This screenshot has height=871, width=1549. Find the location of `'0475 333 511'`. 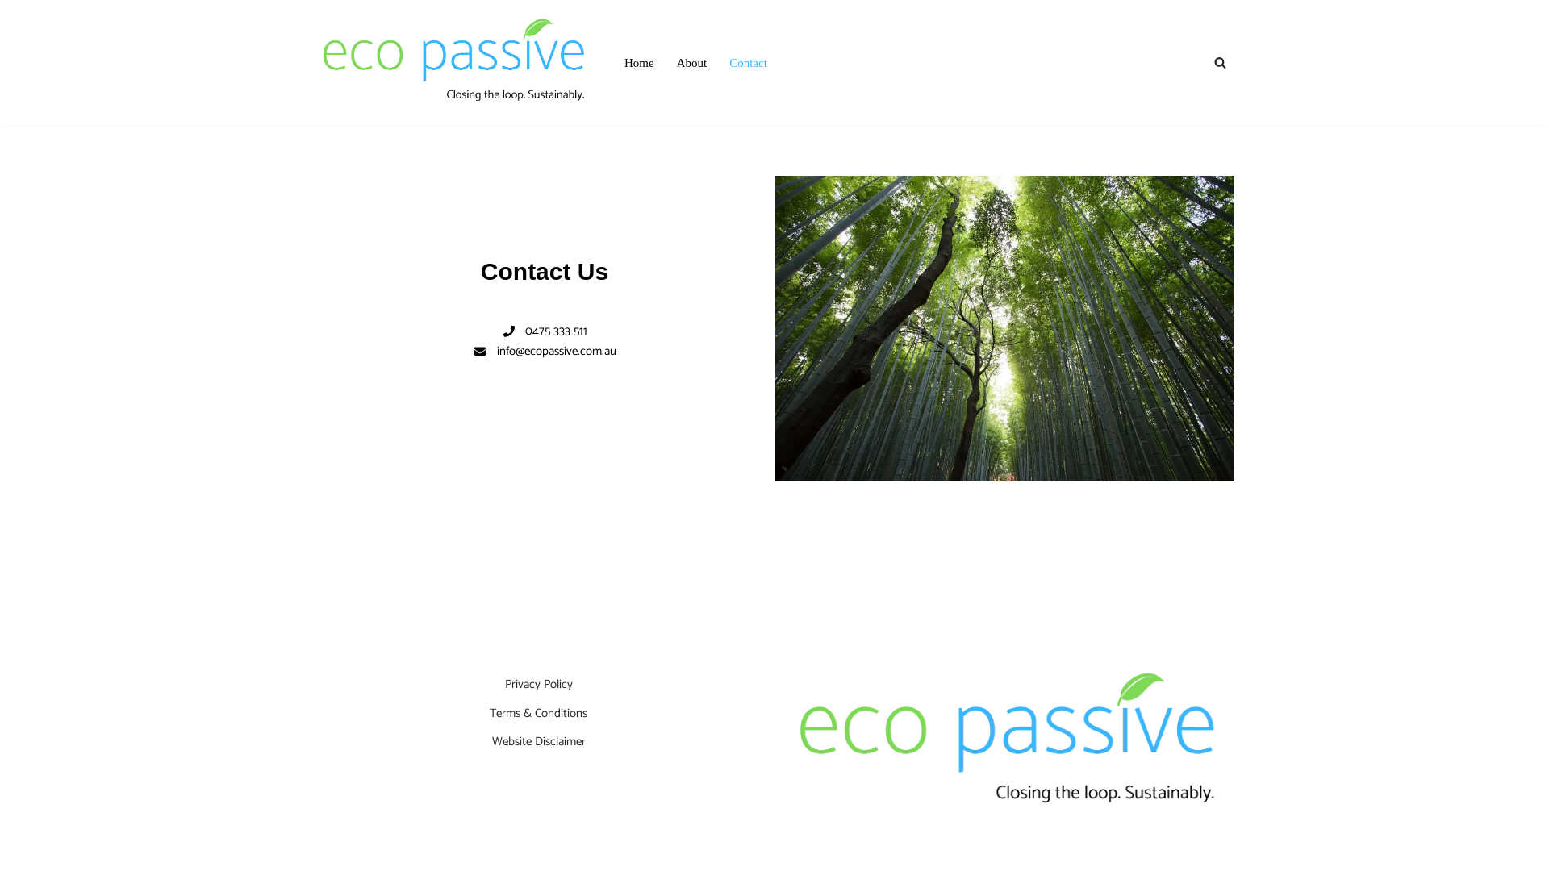

'0475 333 511' is located at coordinates (545, 331).